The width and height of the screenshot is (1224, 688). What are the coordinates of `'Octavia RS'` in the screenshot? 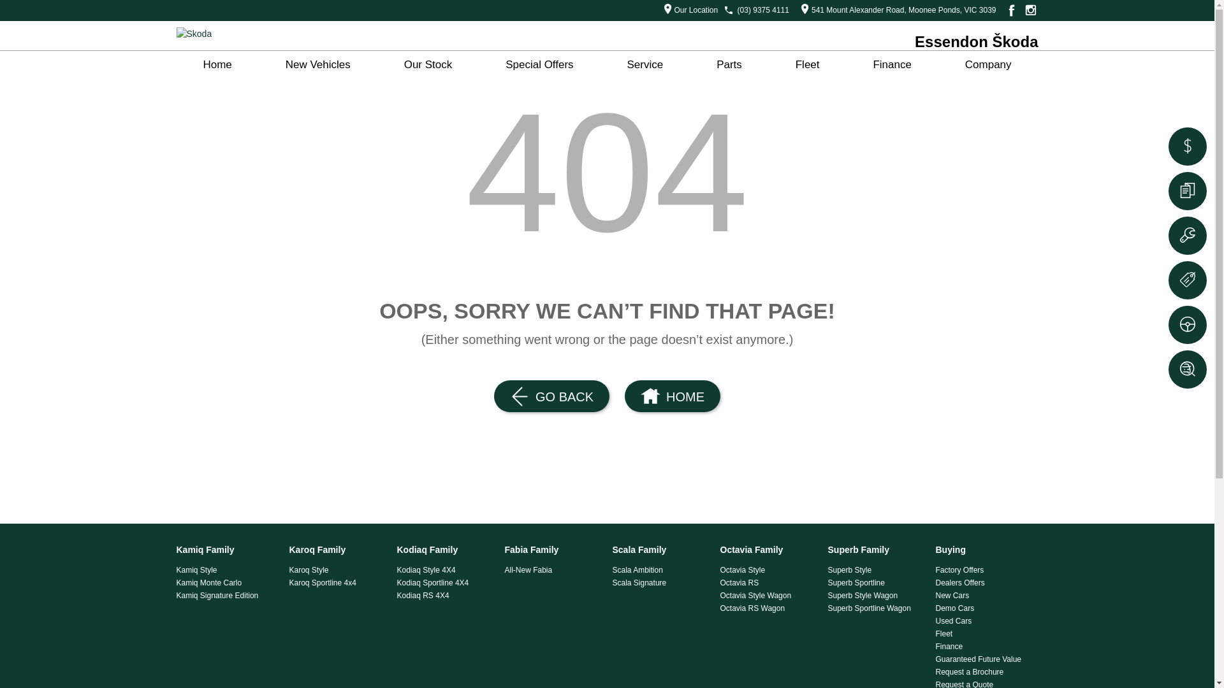 It's located at (768, 582).